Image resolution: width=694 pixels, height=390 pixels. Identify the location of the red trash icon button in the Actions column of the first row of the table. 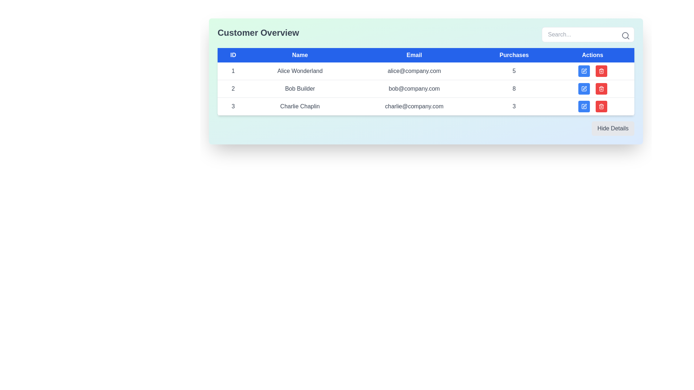
(601, 71).